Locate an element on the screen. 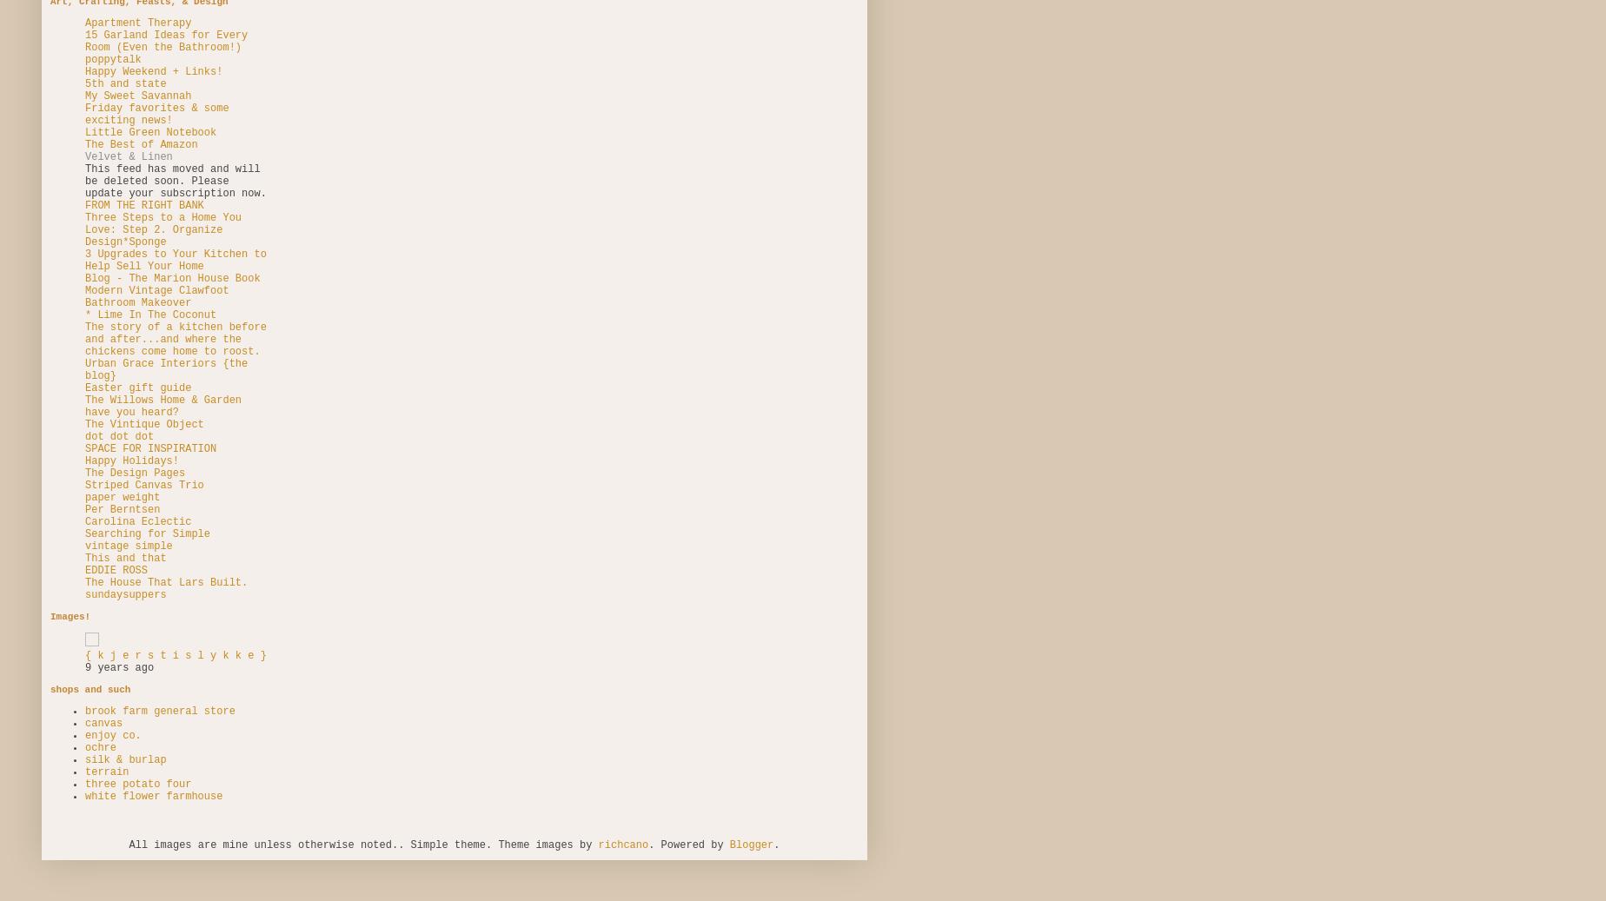  'All images are mine unless otherwise noted.. Simple theme. Theme images by' is located at coordinates (363, 844).